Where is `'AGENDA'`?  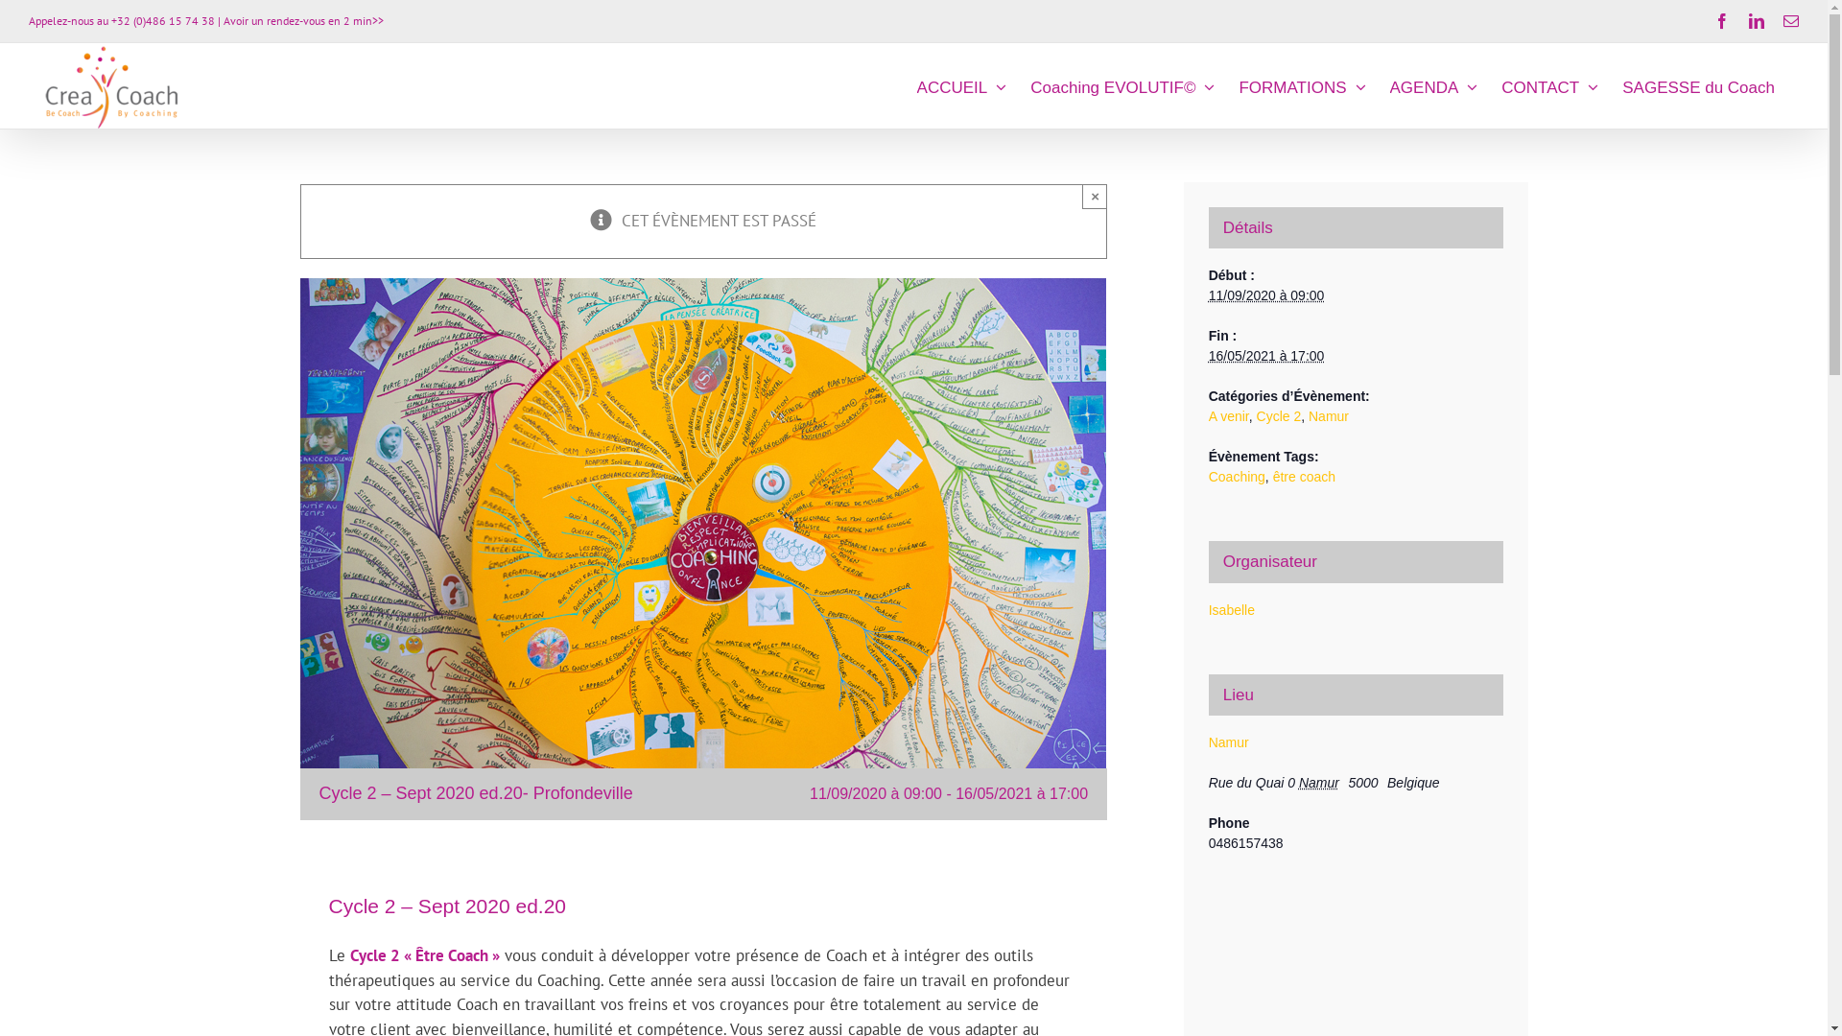
'AGENDA' is located at coordinates (1390, 84).